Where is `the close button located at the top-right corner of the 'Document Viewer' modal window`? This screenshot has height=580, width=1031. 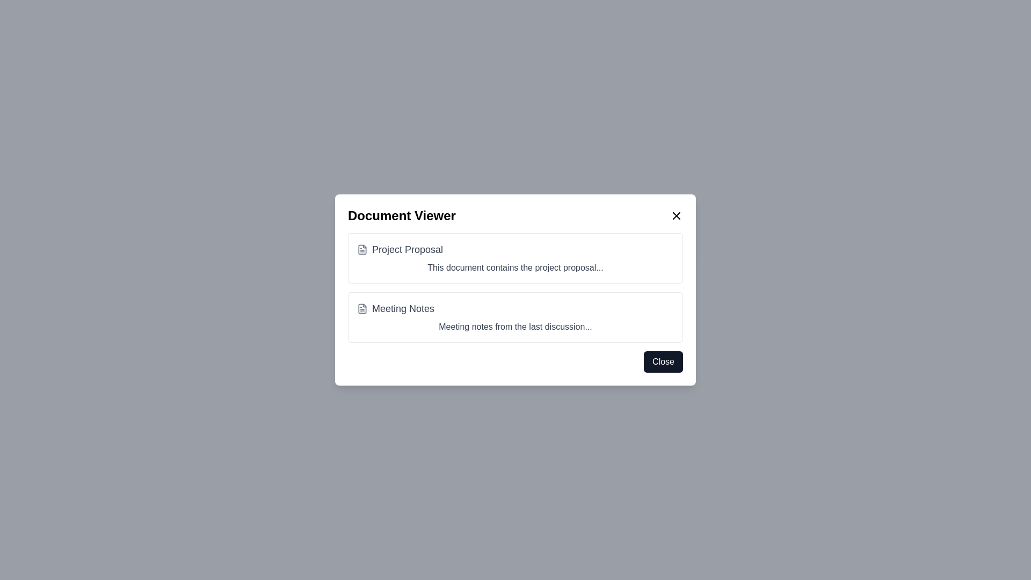 the close button located at the top-right corner of the 'Document Viewer' modal window is located at coordinates (676, 215).